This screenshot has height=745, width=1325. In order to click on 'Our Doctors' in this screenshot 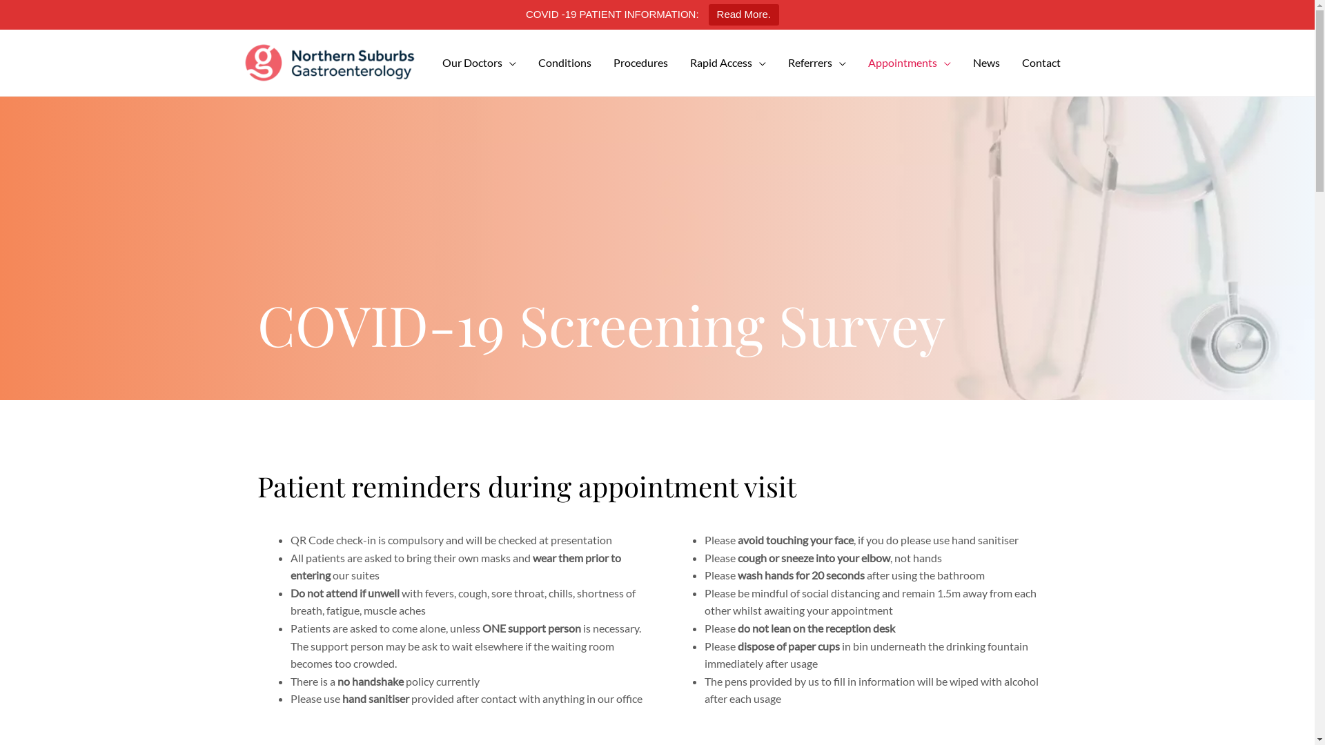, I will do `click(478, 63)`.